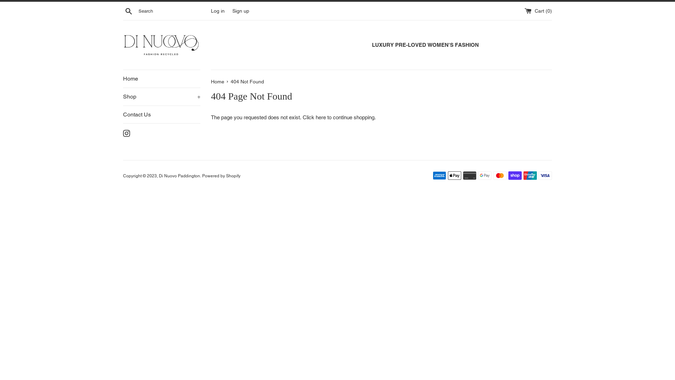 Image resolution: width=675 pixels, height=380 pixels. Describe the element at coordinates (123, 114) in the screenshot. I see `'Contact Us'` at that location.